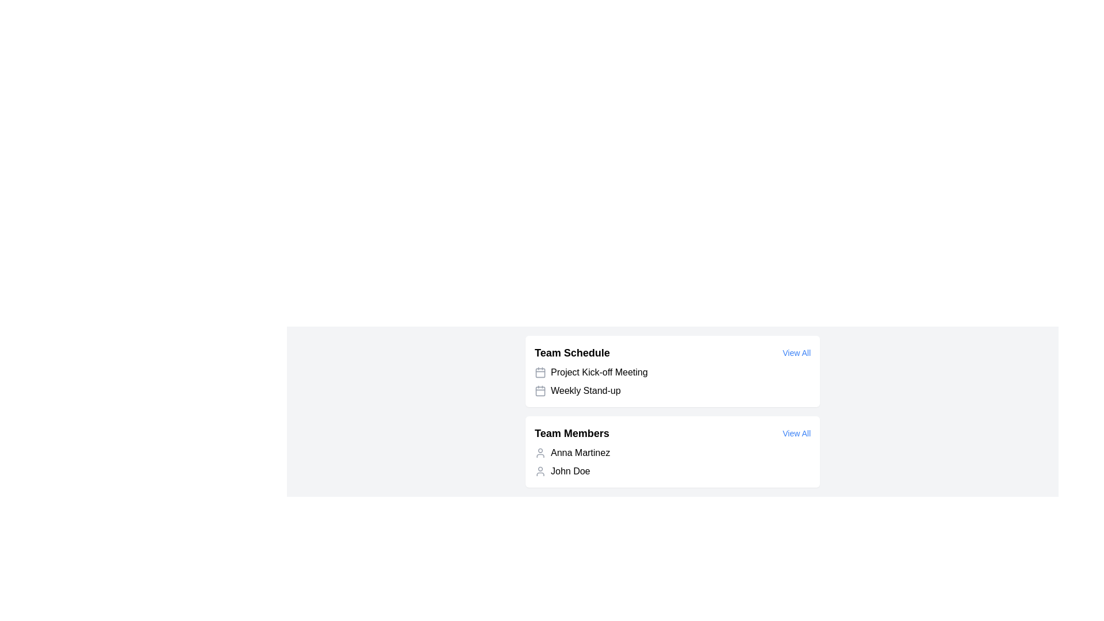 The height and width of the screenshot is (621, 1104). Describe the element at coordinates (796, 352) in the screenshot. I see `the 'View All' hyperlink styled as a button located in the top-right corner of the 'Team Schedule' section` at that location.